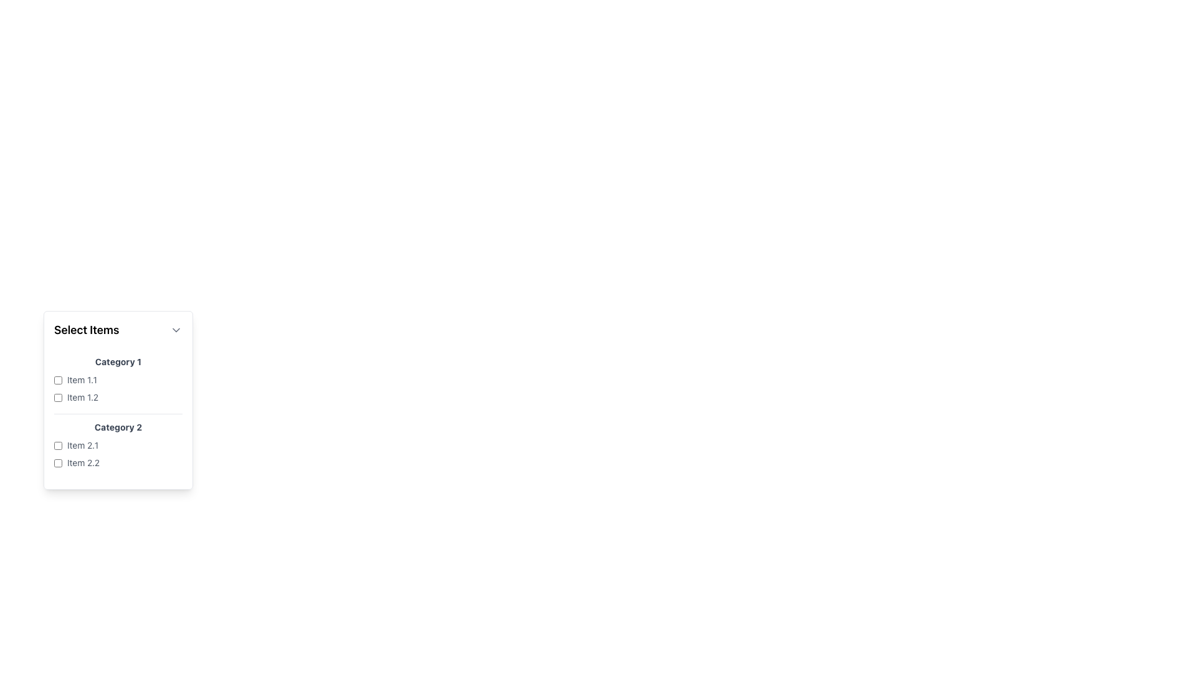 The width and height of the screenshot is (1196, 673). I want to click on the empty checkbox for 'Item 2.1' under 'Category 2', so click(57, 444).